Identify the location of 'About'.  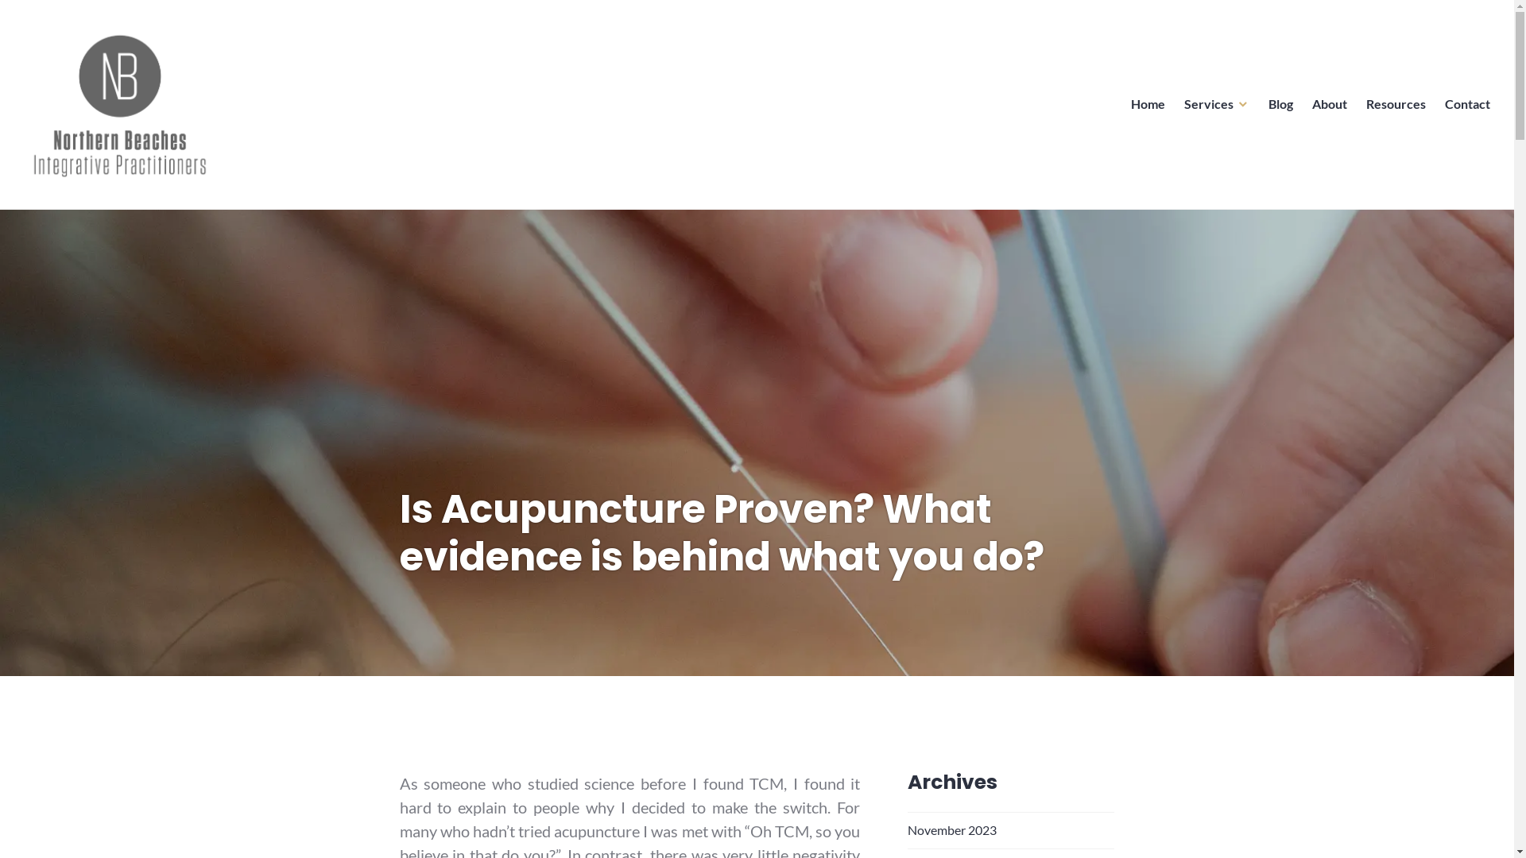
(1312, 104).